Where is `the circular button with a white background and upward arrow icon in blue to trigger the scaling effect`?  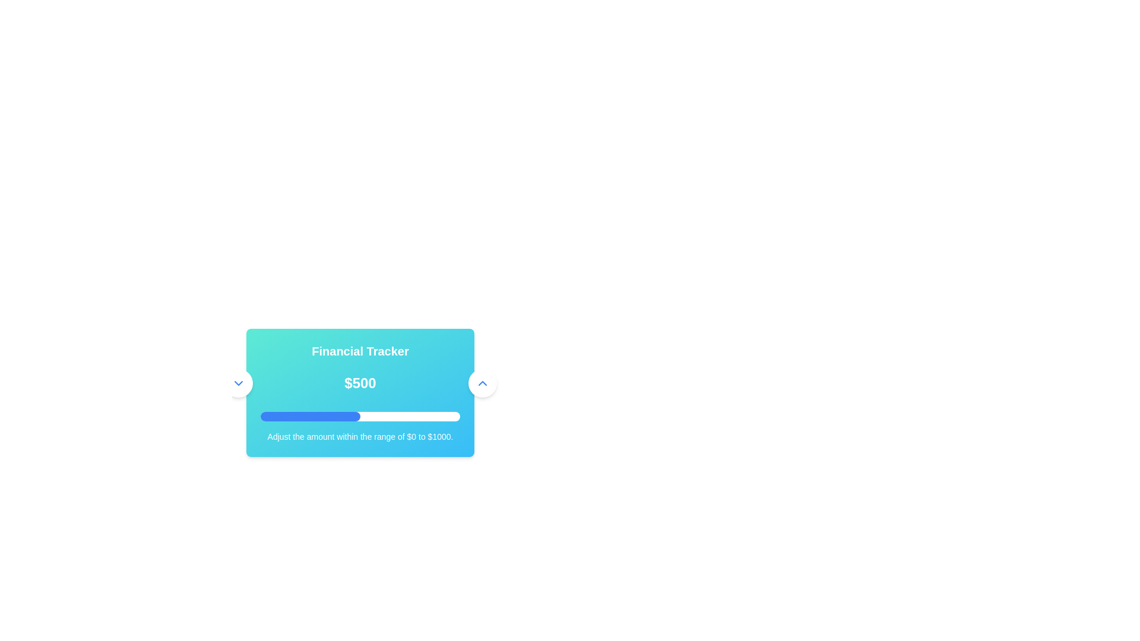
the circular button with a white background and upward arrow icon in blue to trigger the scaling effect is located at coordinates (482, 383).